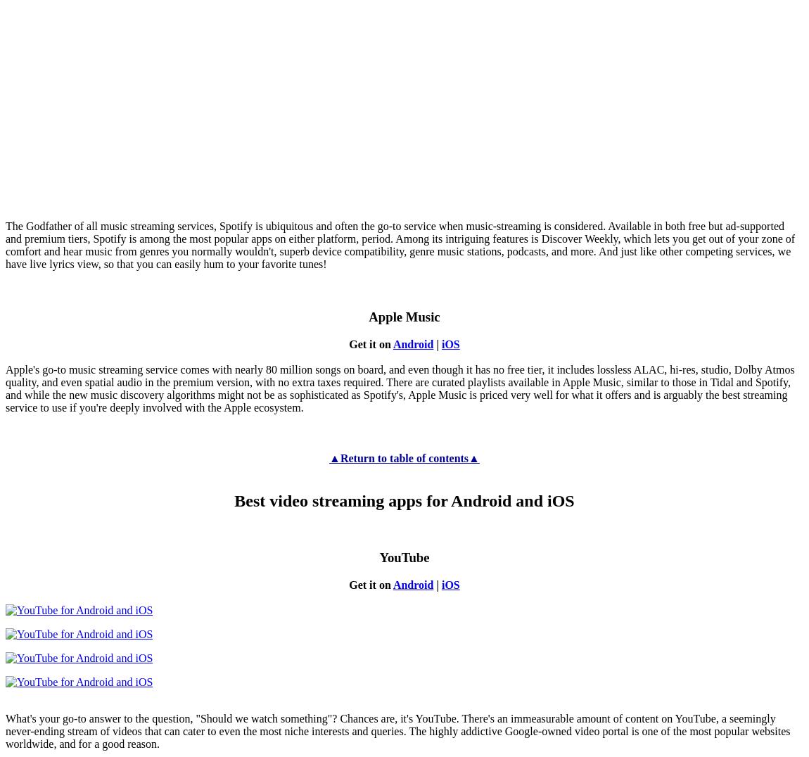 The width and height of the screenshot is (809, 757). I want to click on 'Apple's go-to music streaming service comes with nearly 80 million songs on board, and even though it has no free tier, it includes lossless ALAC, hi-res, studio, Dolby Atmos quality, and even spatial audio in the premium version, with no extra taxes required. There are curated playlists available in Apple Music, similar to those in Tidal and Spotify, and while the new music discovery algorithms might not be as sophisticated as Spotify's, Apple Music is priced very well for what it offers and is arguably the best streaming service to use if you're deeply involved with the Apple ecosystem.', so click(400, 387).